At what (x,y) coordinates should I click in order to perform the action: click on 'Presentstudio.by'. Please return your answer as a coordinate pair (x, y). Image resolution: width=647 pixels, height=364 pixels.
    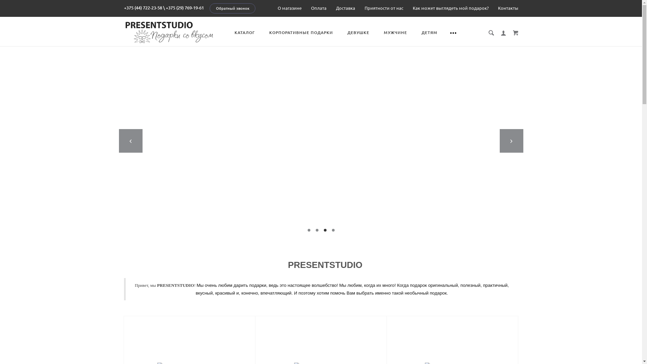
    Looking at the image, I should click on (124, 31).